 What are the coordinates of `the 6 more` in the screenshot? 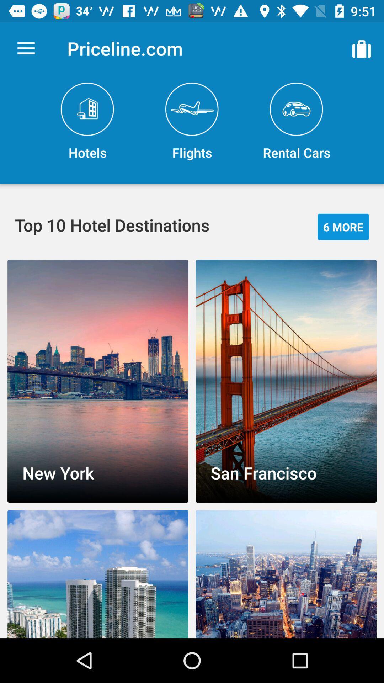 It's located at (343, 226).